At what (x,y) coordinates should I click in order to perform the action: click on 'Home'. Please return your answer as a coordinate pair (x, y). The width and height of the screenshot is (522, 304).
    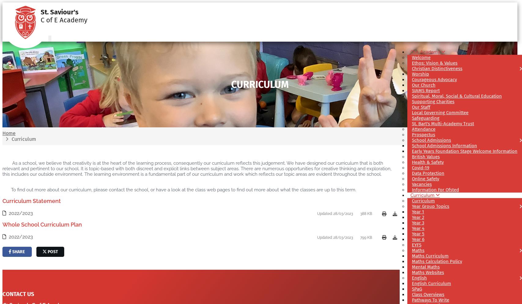
    Looking at the image, I should click on (9, 133).